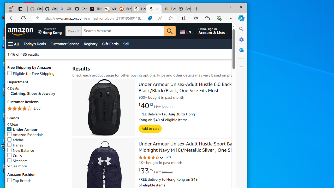 The height and width of the screenshot is (188, 334). I want to click on 'Amazon Essentials', so click(25, 134).